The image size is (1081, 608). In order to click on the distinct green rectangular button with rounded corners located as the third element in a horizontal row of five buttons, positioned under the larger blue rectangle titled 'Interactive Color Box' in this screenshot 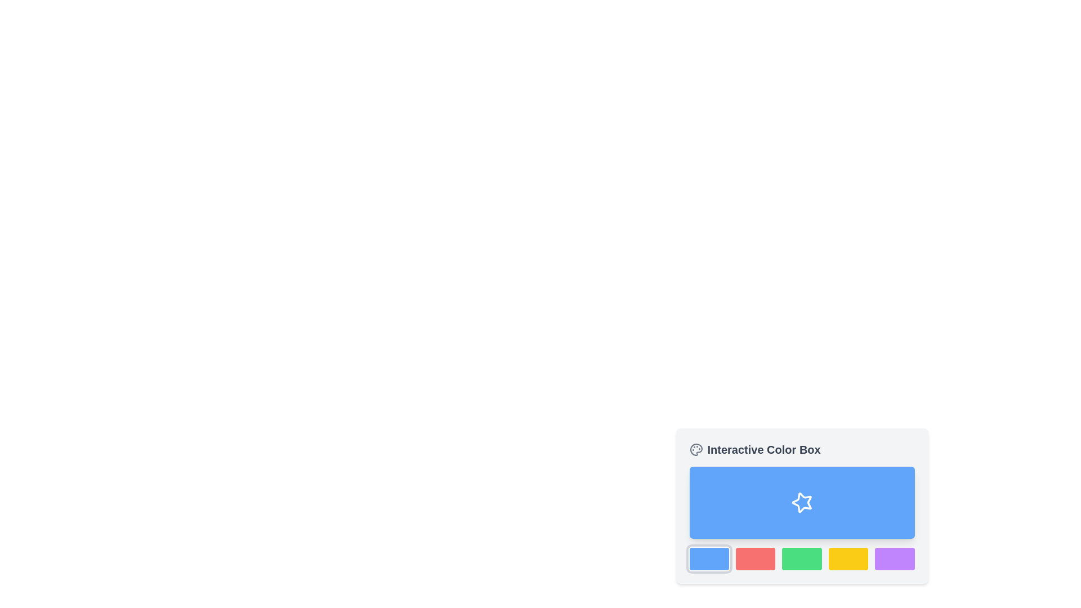, I will do `click(801, 558)`.